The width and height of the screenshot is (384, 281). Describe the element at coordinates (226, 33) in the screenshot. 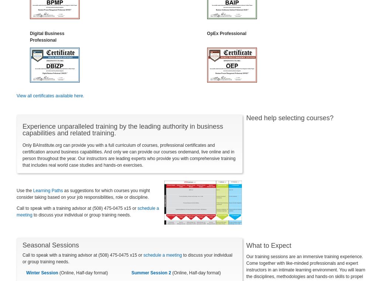

I see `'OpEx Professional'` at that location.